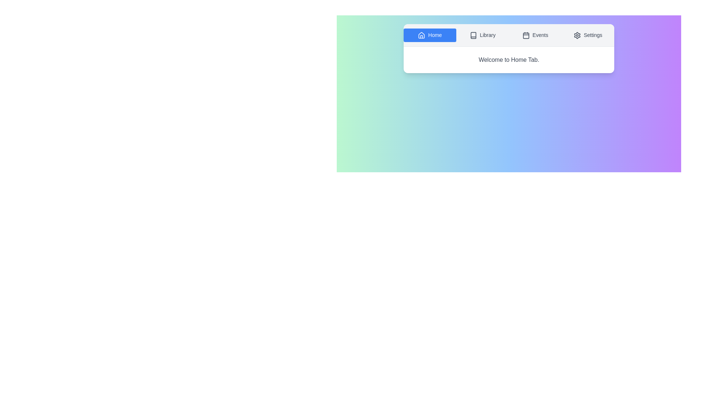 The width and height of the screenshot is (702, 395). Describe the element at coordinates (577, 35) in the screenshot. I see `the 'Settings' icon in the navigation bar` at that location.